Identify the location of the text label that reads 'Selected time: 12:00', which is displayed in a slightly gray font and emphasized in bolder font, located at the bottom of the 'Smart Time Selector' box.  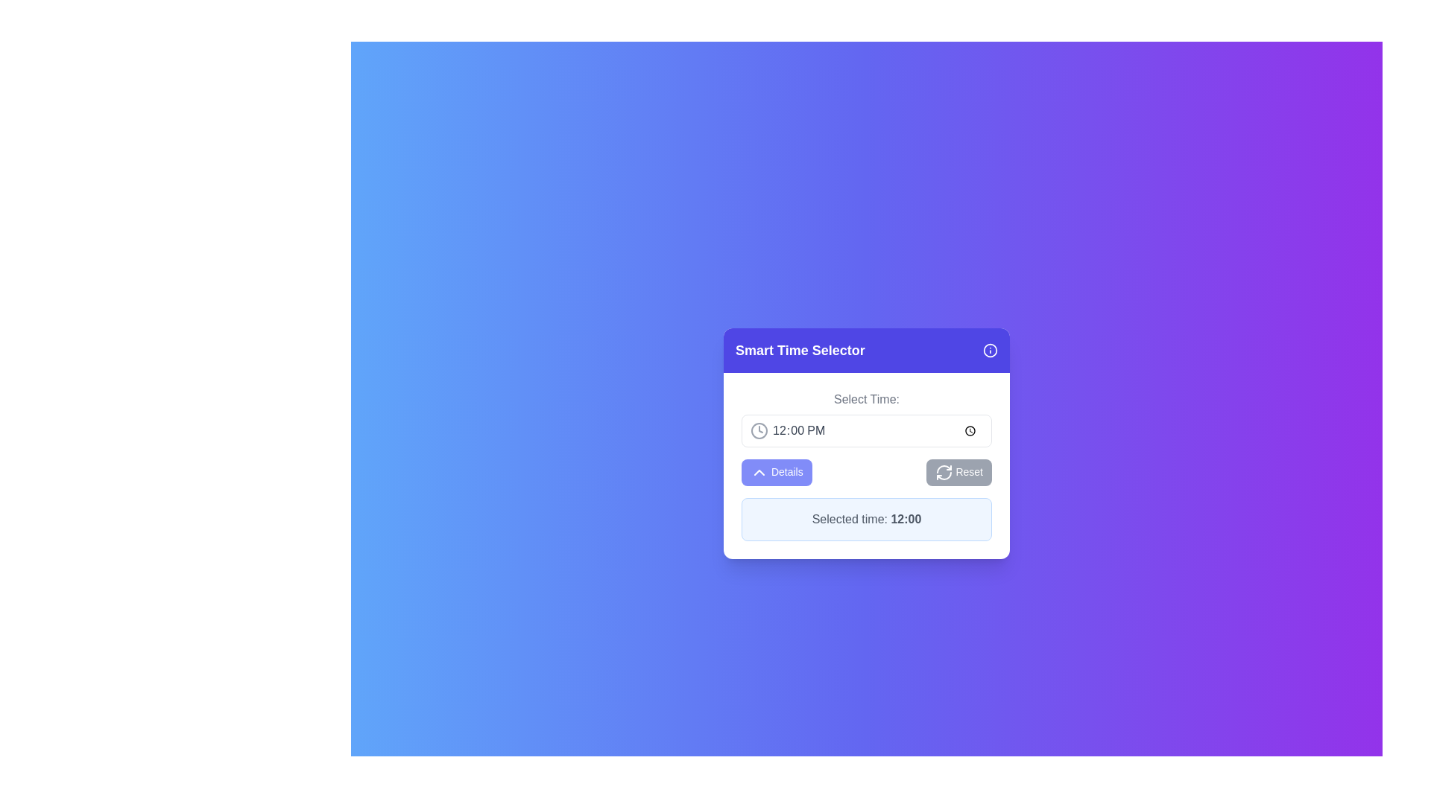
(866, 519).